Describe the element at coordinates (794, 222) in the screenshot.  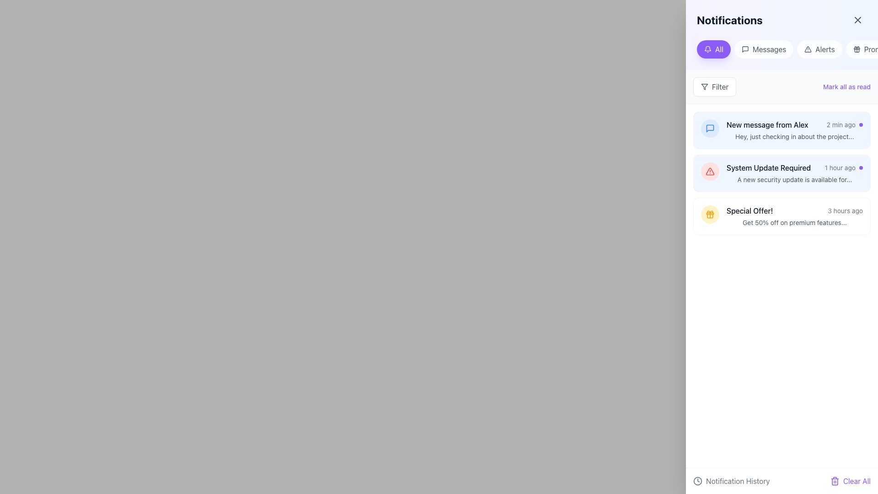
I see `the text label providing additional context related to the notification, located below the main title 'Special Offer!' in the third notification block on the right-hand side notification panel, underneath the timestamp '3 hours ago'` at that location.